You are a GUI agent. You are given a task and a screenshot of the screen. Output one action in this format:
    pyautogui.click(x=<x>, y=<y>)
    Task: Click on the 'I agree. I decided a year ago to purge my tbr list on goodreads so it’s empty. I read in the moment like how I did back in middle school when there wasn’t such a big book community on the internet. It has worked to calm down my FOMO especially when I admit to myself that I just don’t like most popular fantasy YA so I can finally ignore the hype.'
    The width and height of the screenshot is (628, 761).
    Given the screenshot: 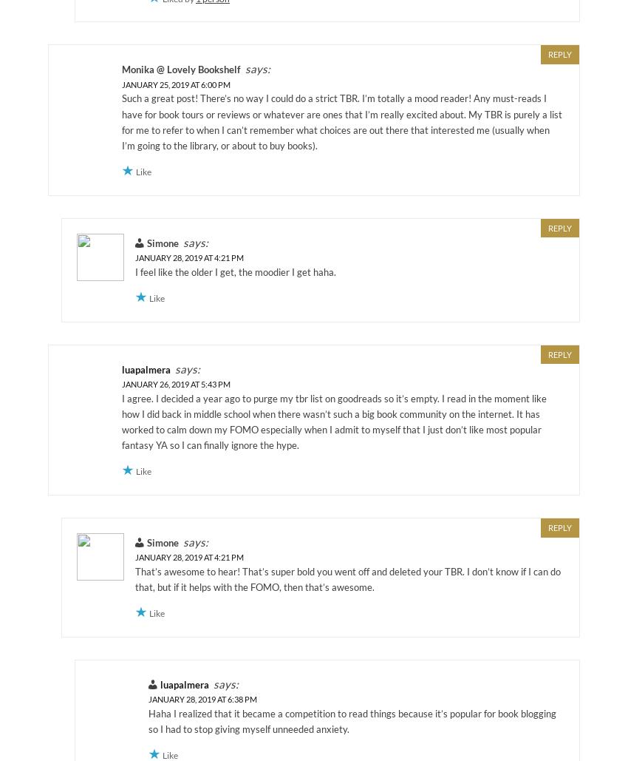 What is the action you would take?
    pyautogui.click(x=333, y=420)
    